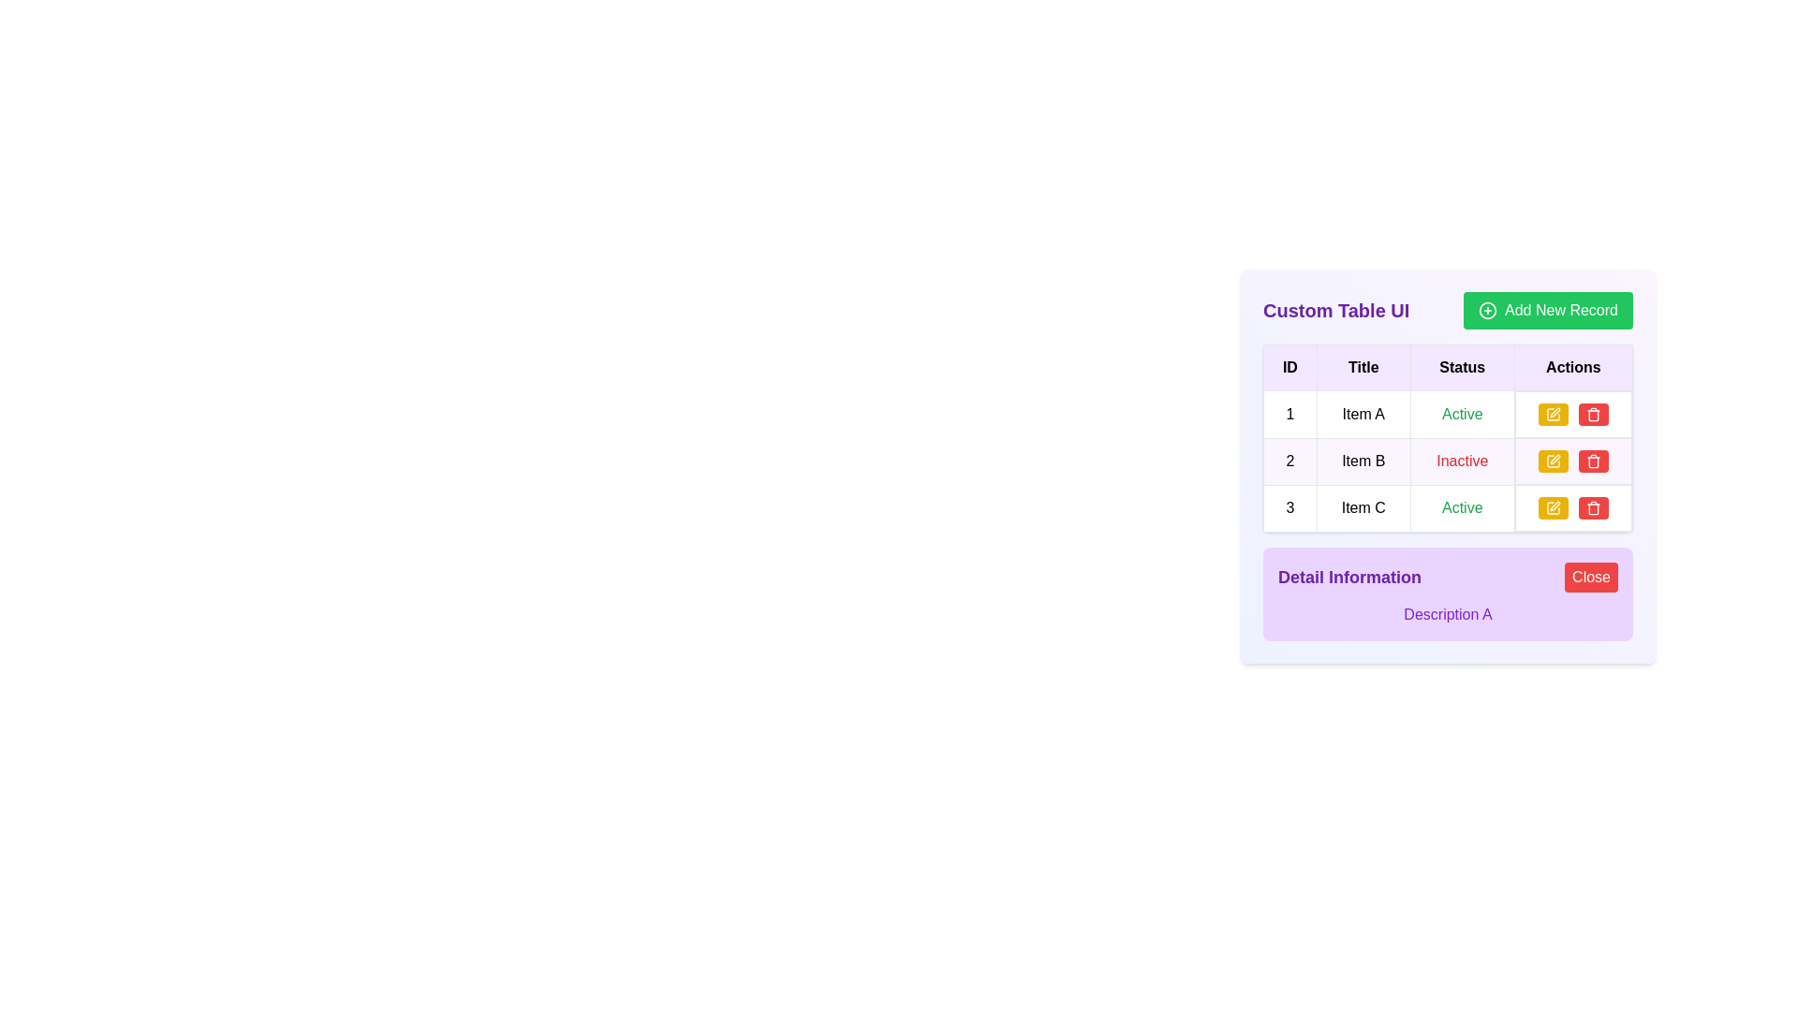 The image size is (1798, 1011). What do you see at coordinates (1590, 577) in the screenshot?
I see `the button located in the bottom right corner of the 'Detail Information' section` at bounding box center [1590, 577].